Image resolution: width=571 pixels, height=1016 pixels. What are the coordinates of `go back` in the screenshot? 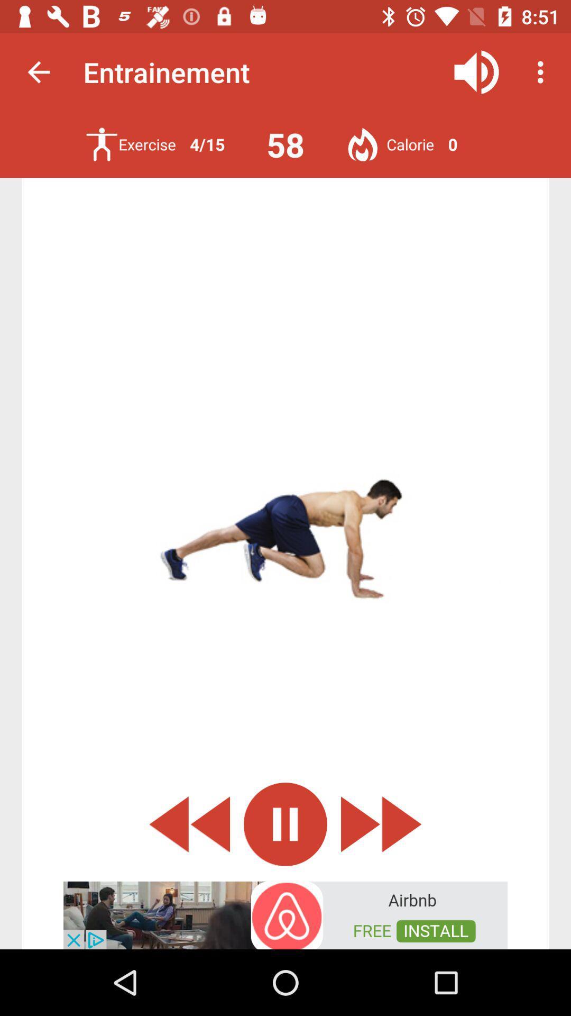 It's located at (189, 823).